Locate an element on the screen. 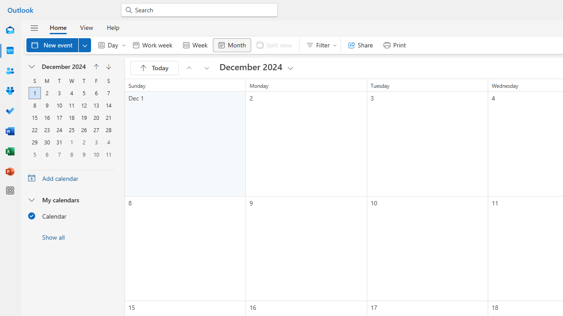 Image resolution: width=563 pixels, height=316 pixels. '22, December, 2024' is located at coordinates (34, 130).